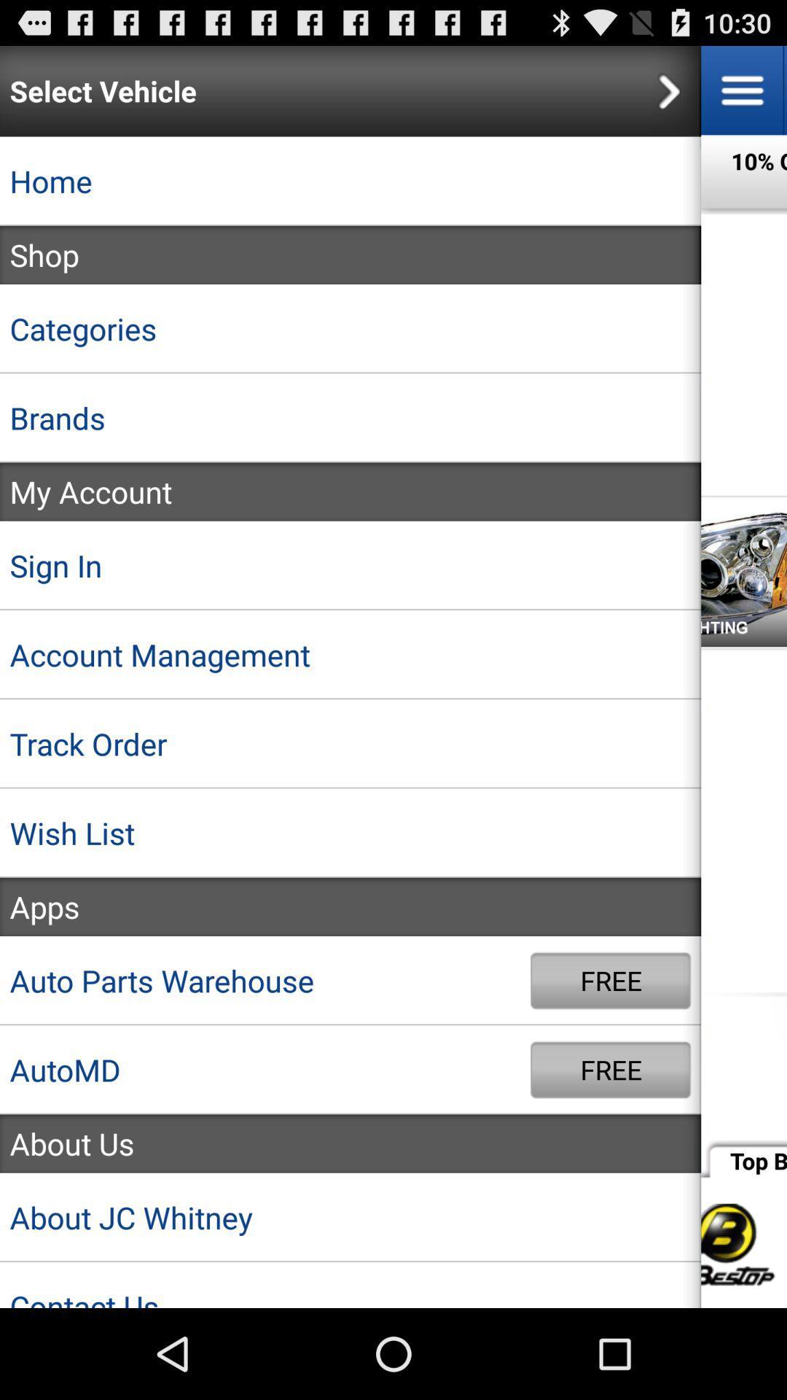  I want to click on the track order item, so click(351, 744).